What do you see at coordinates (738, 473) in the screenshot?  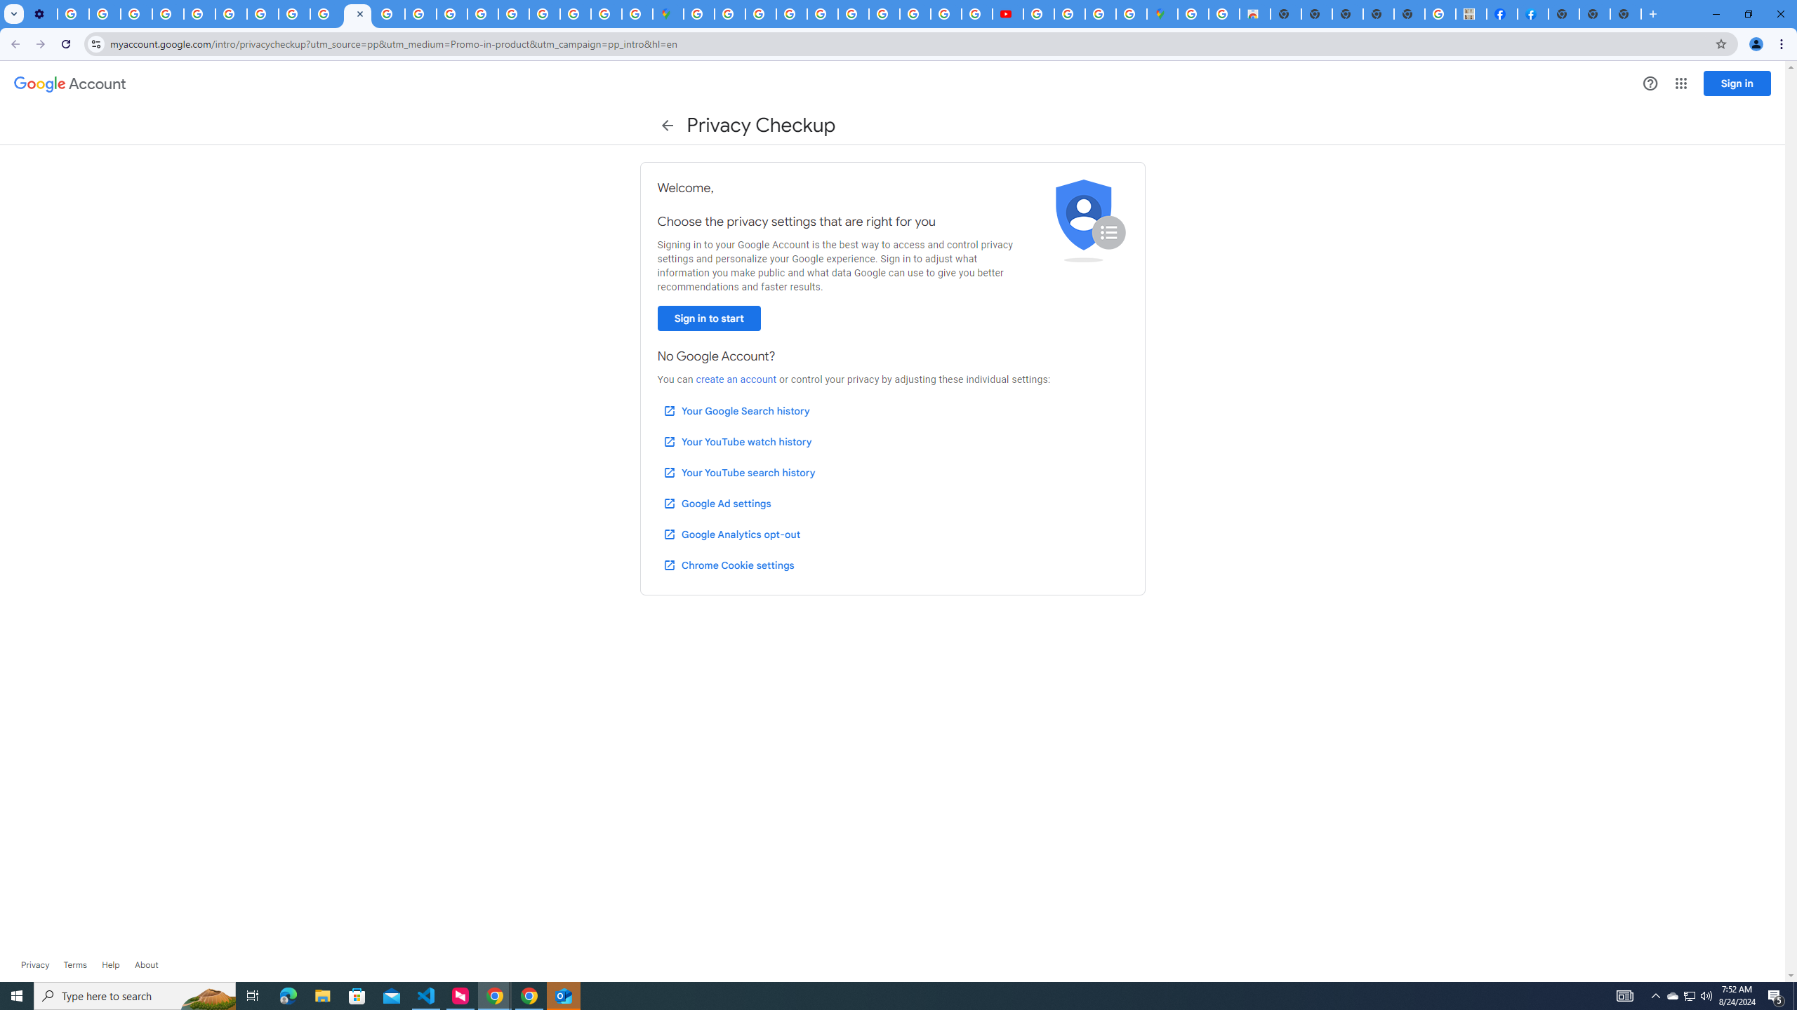 I see `'Your YouTube search history'` at bounding box center [738, 473].